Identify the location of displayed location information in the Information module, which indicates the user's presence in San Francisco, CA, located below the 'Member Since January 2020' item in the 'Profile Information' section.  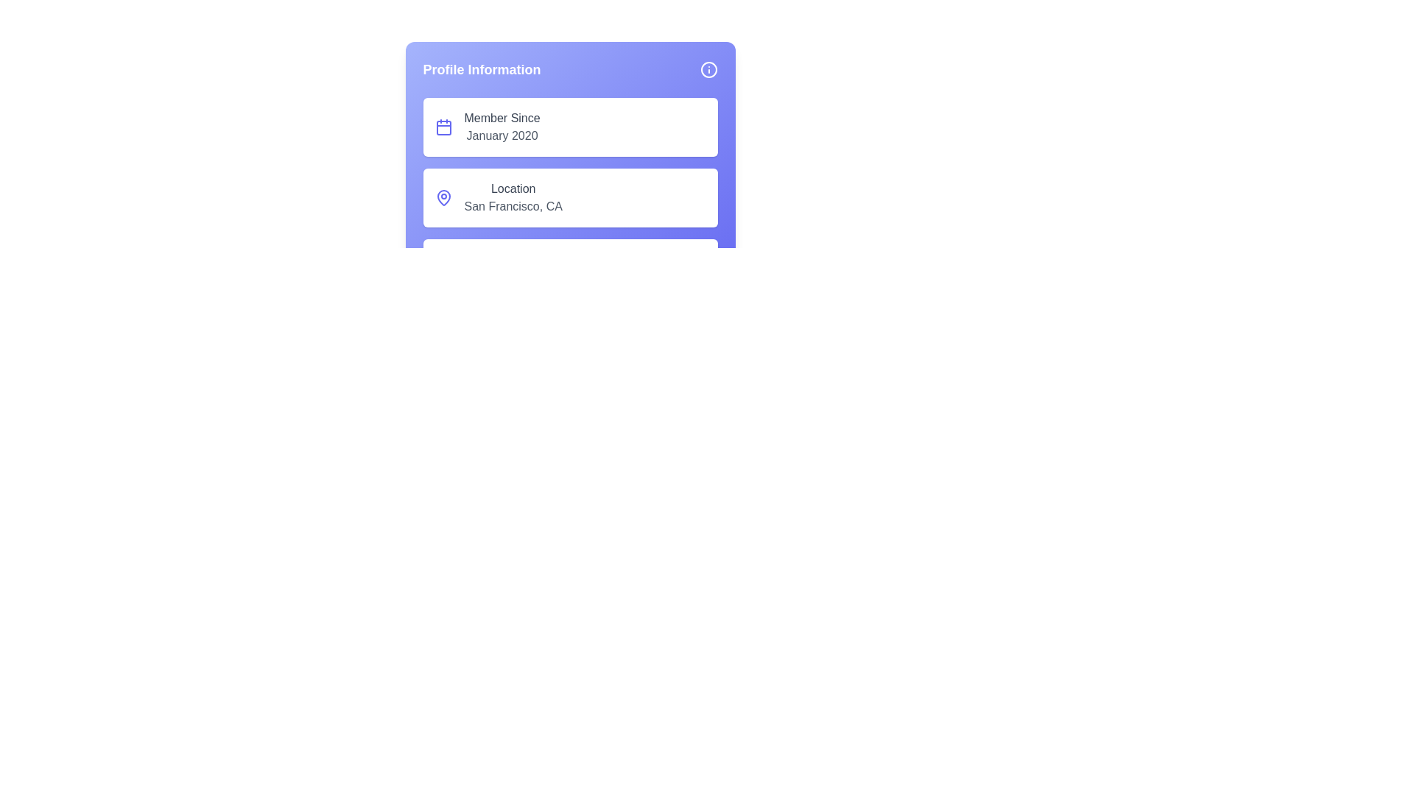
(569, 197).